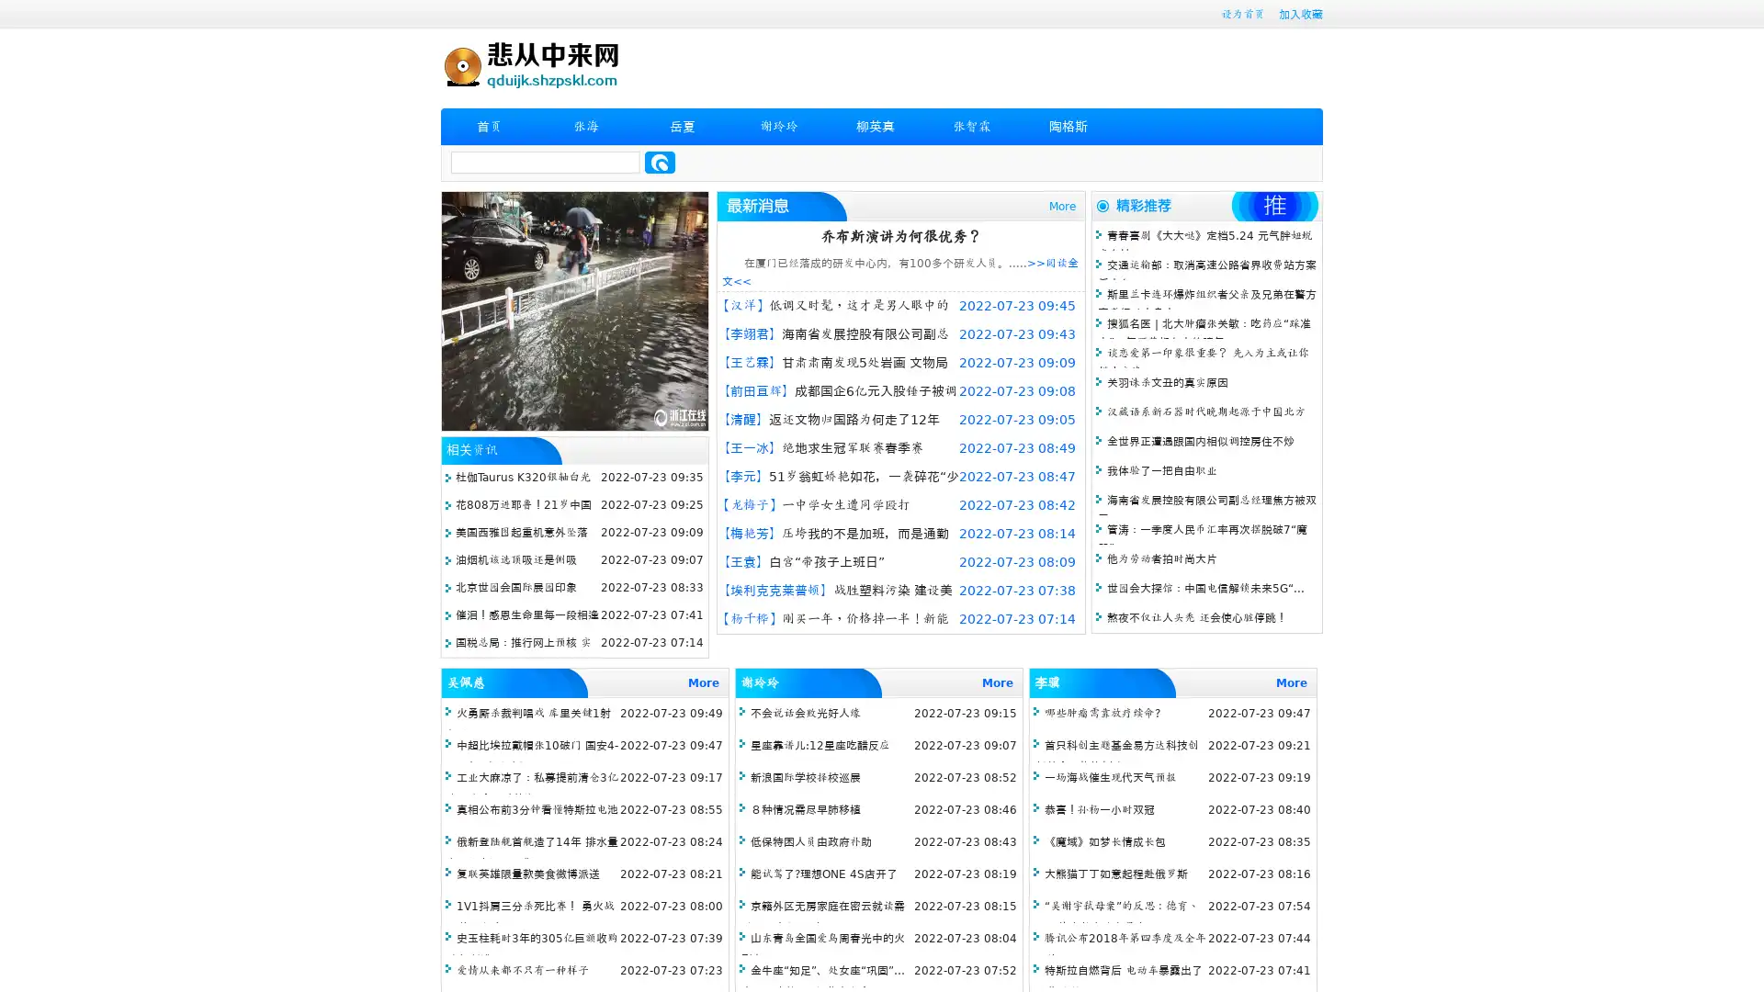 The height and width of the screenshot is (992, 1764). Describe the element at coordinates (660, 162) in the screenshot. I see `Search` at that location.